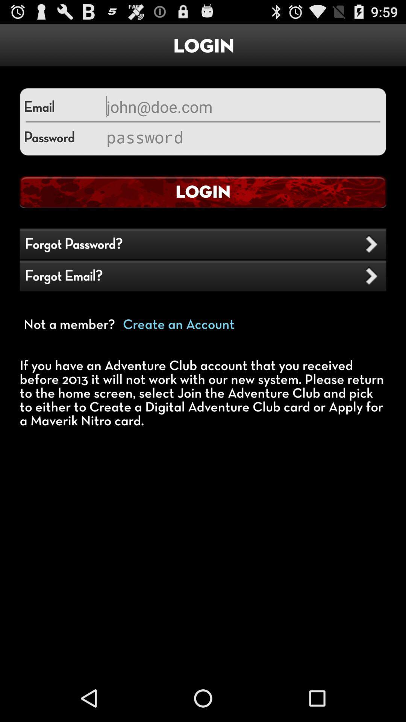  I want to click on the email, so click(242, 106).